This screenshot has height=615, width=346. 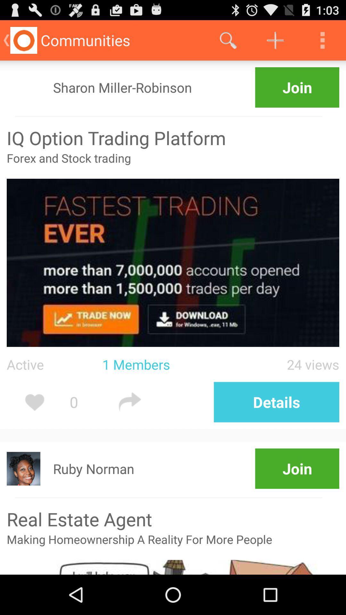 What do you see at coordinates (168, 497) in the screenshot?
I see `icon above real estate agent item` at bounding box center [168, 497].